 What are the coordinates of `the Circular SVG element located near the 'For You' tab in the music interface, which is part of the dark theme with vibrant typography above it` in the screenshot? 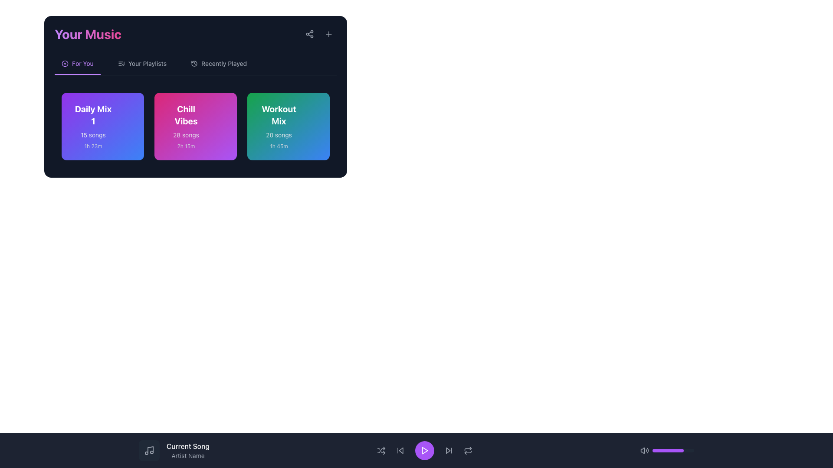 It's located at (64, 63).